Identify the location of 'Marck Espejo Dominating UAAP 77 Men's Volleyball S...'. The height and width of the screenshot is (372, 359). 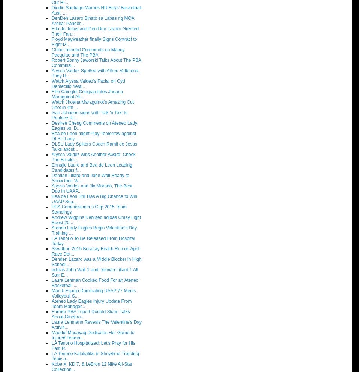
(94, 293).